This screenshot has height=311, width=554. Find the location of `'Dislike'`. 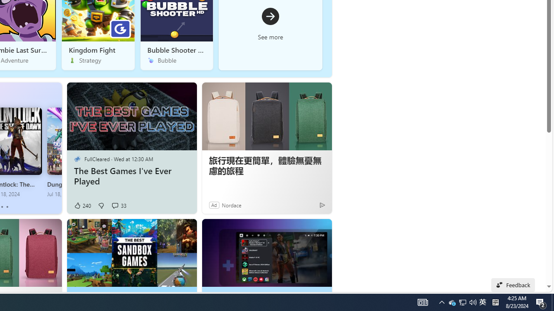

'Dislike' is located at coordinates (101, 205).